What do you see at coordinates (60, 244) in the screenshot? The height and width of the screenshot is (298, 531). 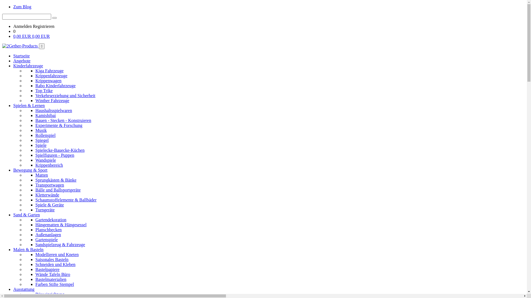 I see `'Sandspielzeug & Fahrzeuge'` at bounding box center [60, 244].